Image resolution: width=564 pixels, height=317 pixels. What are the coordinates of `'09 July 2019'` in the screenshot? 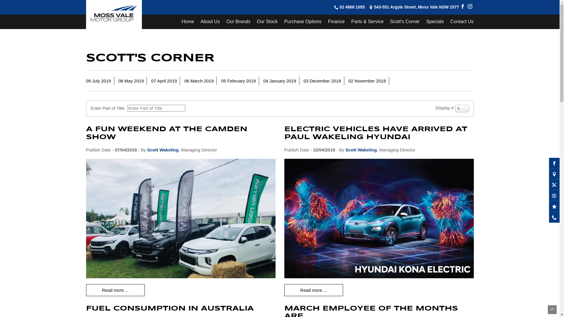 It's located at (98, 81).